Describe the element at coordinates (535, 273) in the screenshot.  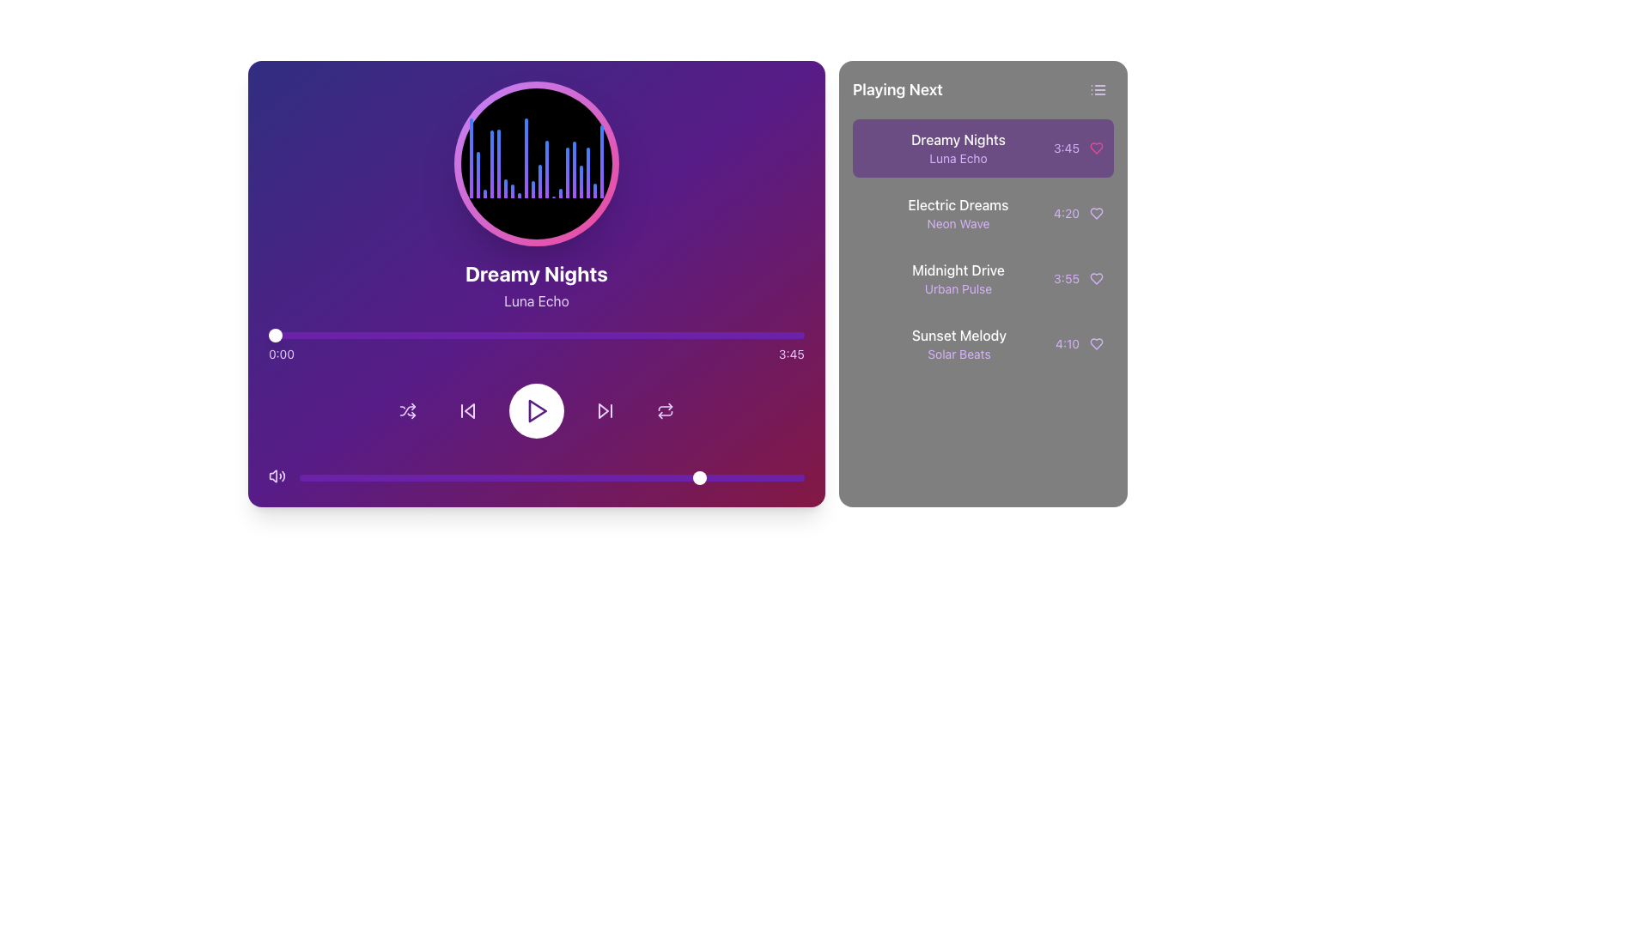
I see `the static text label that displays the title of the currently playing track, located in the main display region of the music player interface, directly below the circular visualizer and above the subtitle 'Luna Echo'` at that location.